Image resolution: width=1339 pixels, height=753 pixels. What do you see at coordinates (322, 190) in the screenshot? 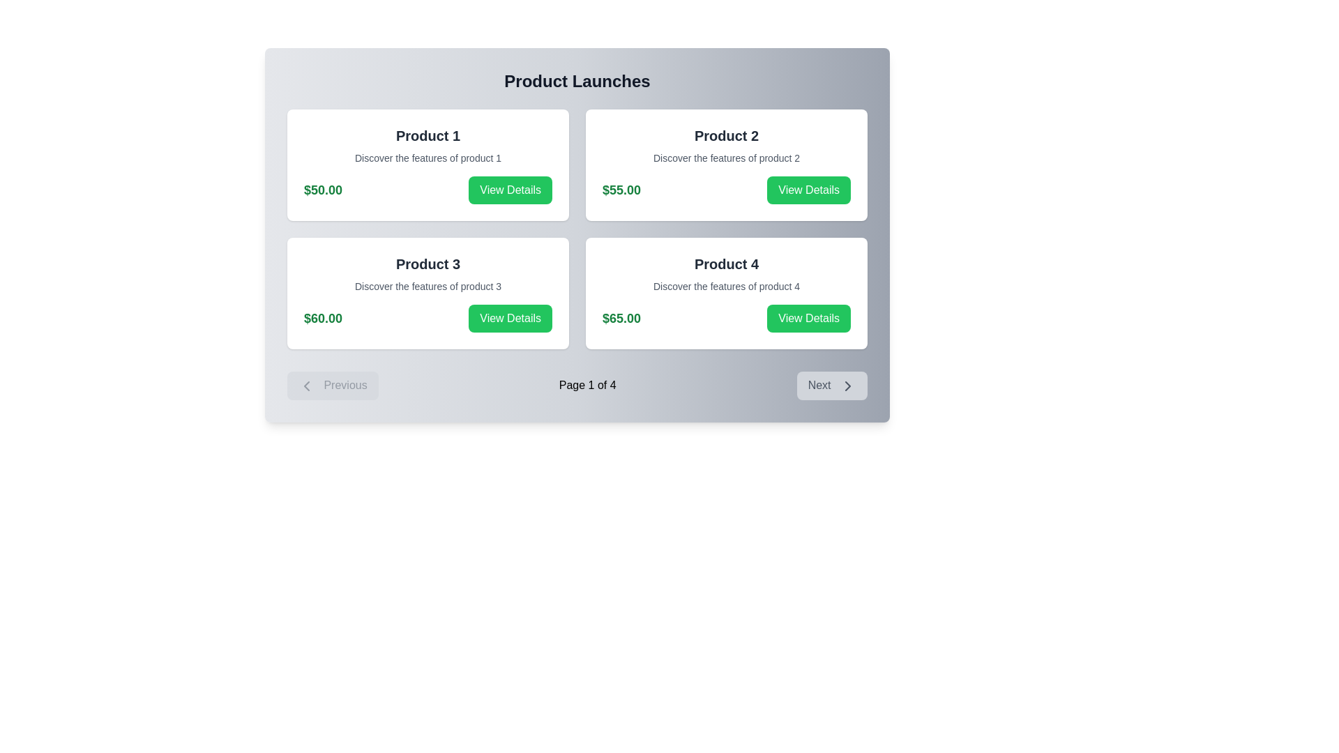
I see `the text label displaying '$50.00' in bold green, located under the product name for 'Product 1' in the upper-left quadrant of the interface` at bounding box center [322, 190].